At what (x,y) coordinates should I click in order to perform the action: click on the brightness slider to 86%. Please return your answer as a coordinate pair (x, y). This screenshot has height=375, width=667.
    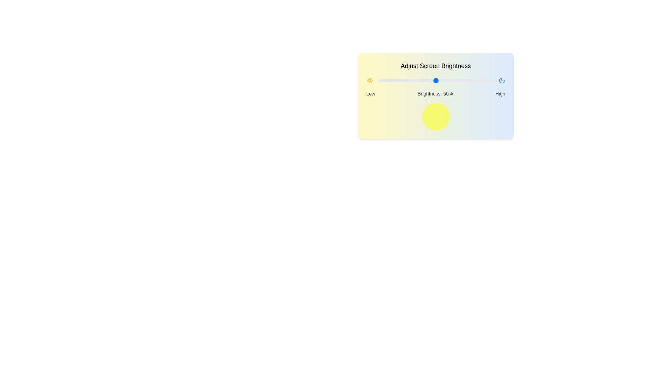
    Looking at the image, I should click on (476, 80).